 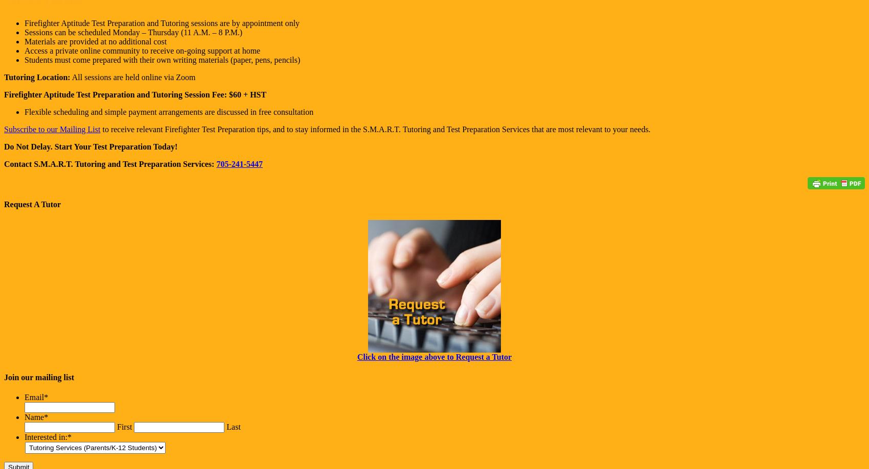 What do you see at coordinates (433, 356) in the screenshot?
I see `'Click on the image above to Request a Tutor'` at bounding box center [433, 356].